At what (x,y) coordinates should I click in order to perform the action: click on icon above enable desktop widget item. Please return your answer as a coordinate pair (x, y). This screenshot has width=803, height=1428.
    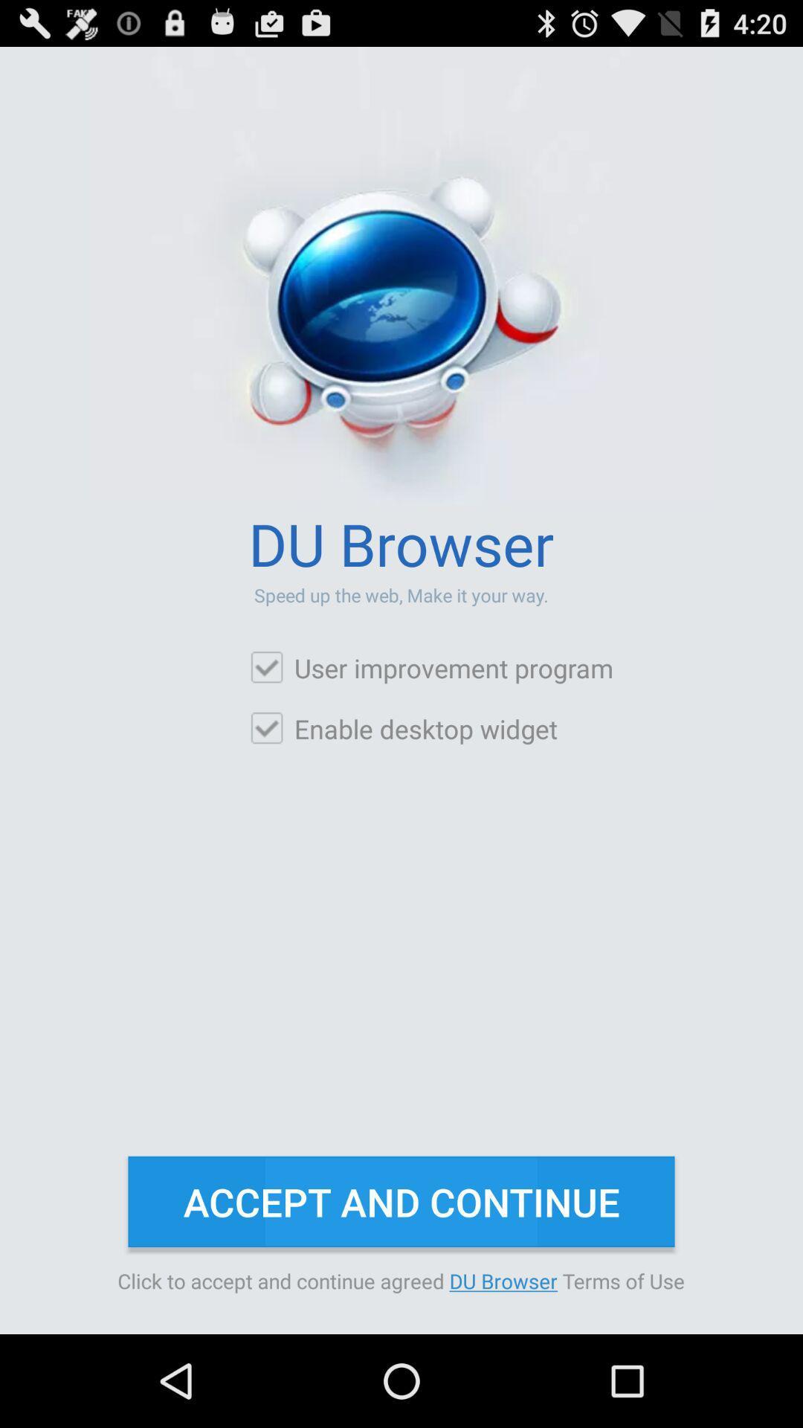
    Looking at the image, I should click on (430, 667).